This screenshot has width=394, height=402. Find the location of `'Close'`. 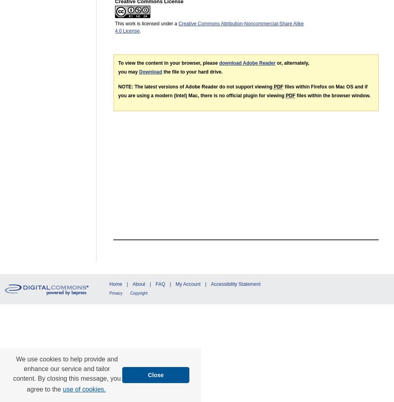

'Close' is located at coordinates (156, 375).